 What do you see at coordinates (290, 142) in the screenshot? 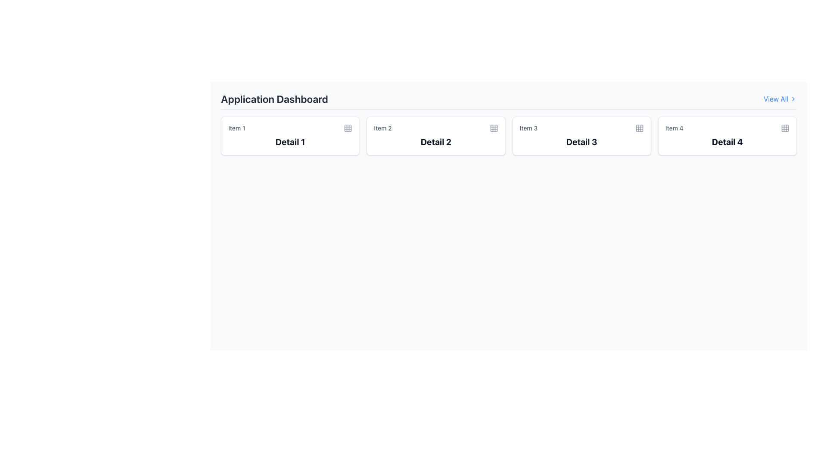
I see `the text label displaying 'Detail 1' which is prominently styled in bold black font, located below the header 'Item 1' in the first card element` at bounding box center [290, 142].